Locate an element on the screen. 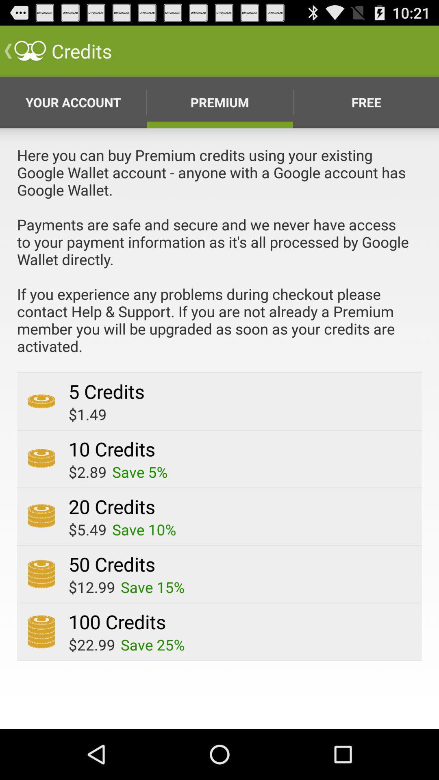 The image size is (439, 780). the 5 credits is located at coordinates (106, 391).